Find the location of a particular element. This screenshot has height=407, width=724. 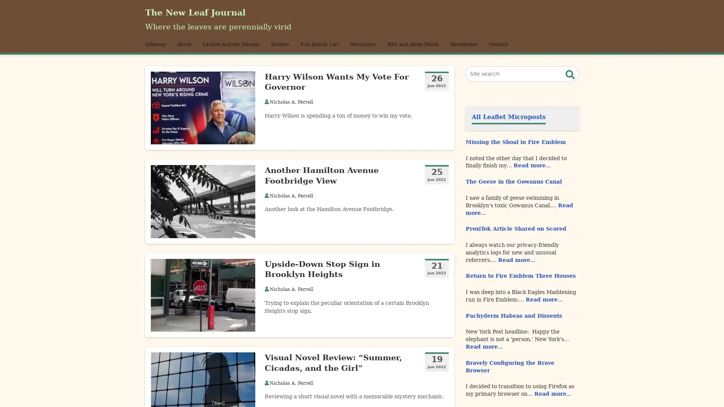

button is located at coordinates (570, 84).